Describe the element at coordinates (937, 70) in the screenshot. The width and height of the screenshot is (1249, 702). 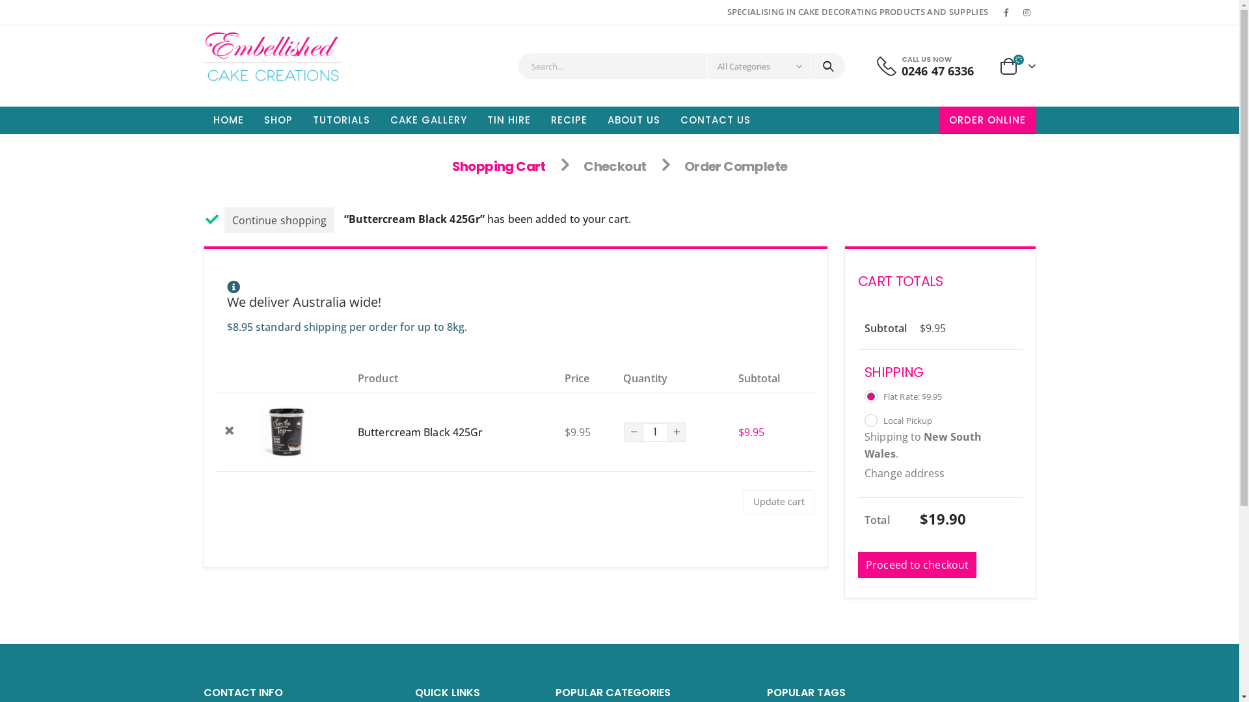
I see `'0246 47 6336'` at that location.